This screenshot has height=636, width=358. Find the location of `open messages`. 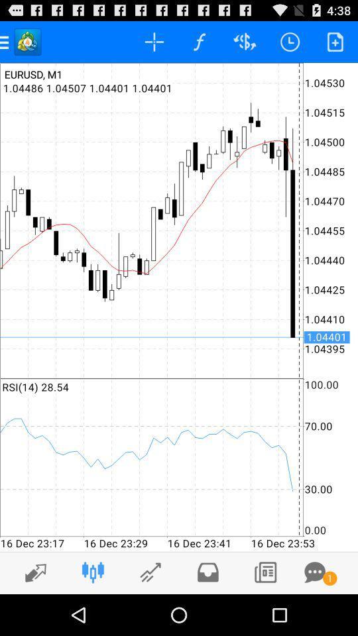

open messages is located at coordinates (314, 572).